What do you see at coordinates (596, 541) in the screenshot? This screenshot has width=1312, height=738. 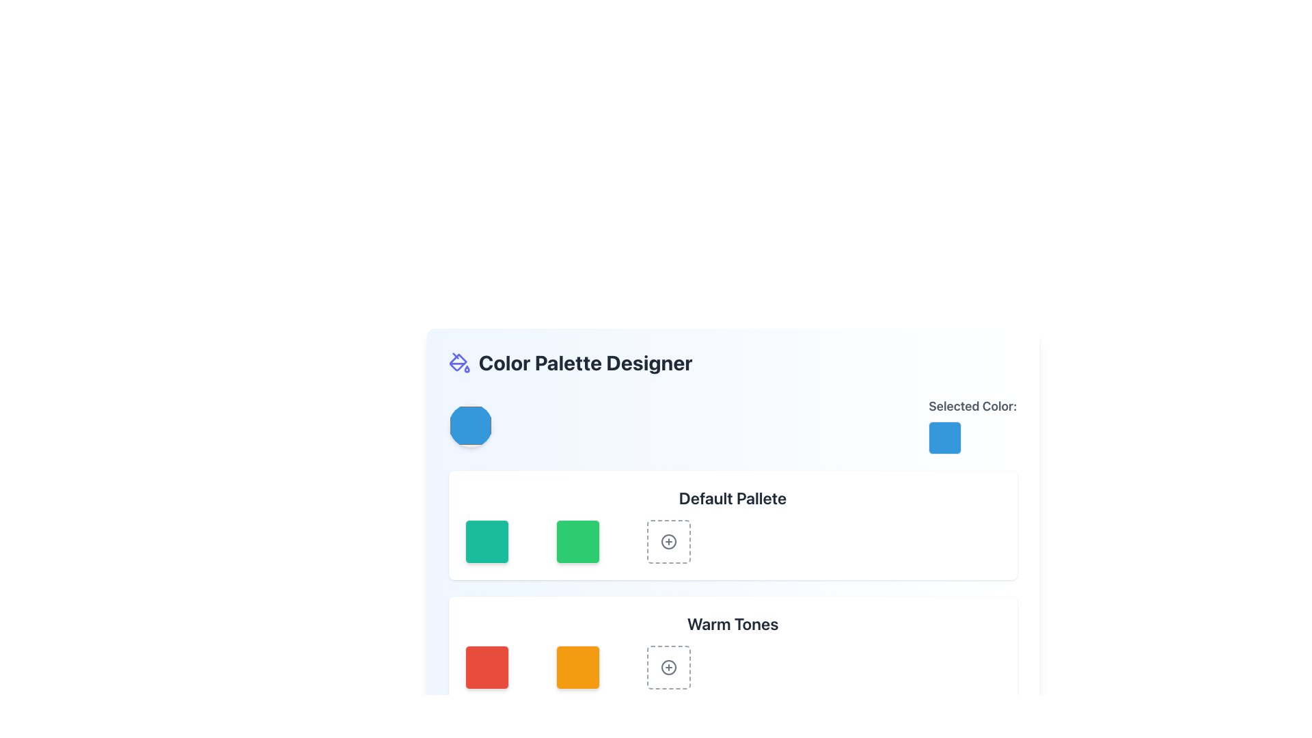 I see `the second selectable color tile in the Default Palette section for additional options` at bounding box center [596, 541].